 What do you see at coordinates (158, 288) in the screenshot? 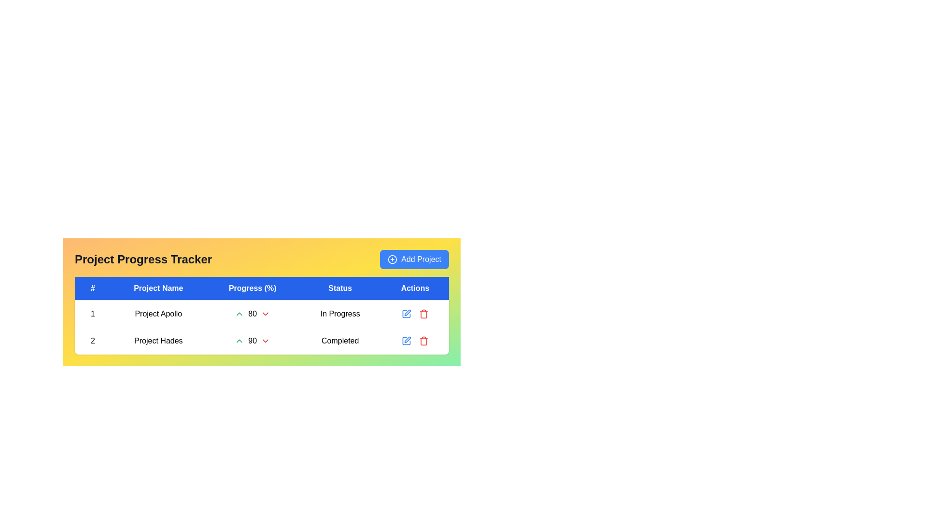
I see `the Table Header Cell labeled 'Project Name', which is a blue rectangular cell with white text, centrally aligned in the header row of the table` at bounding box center [158, 288].